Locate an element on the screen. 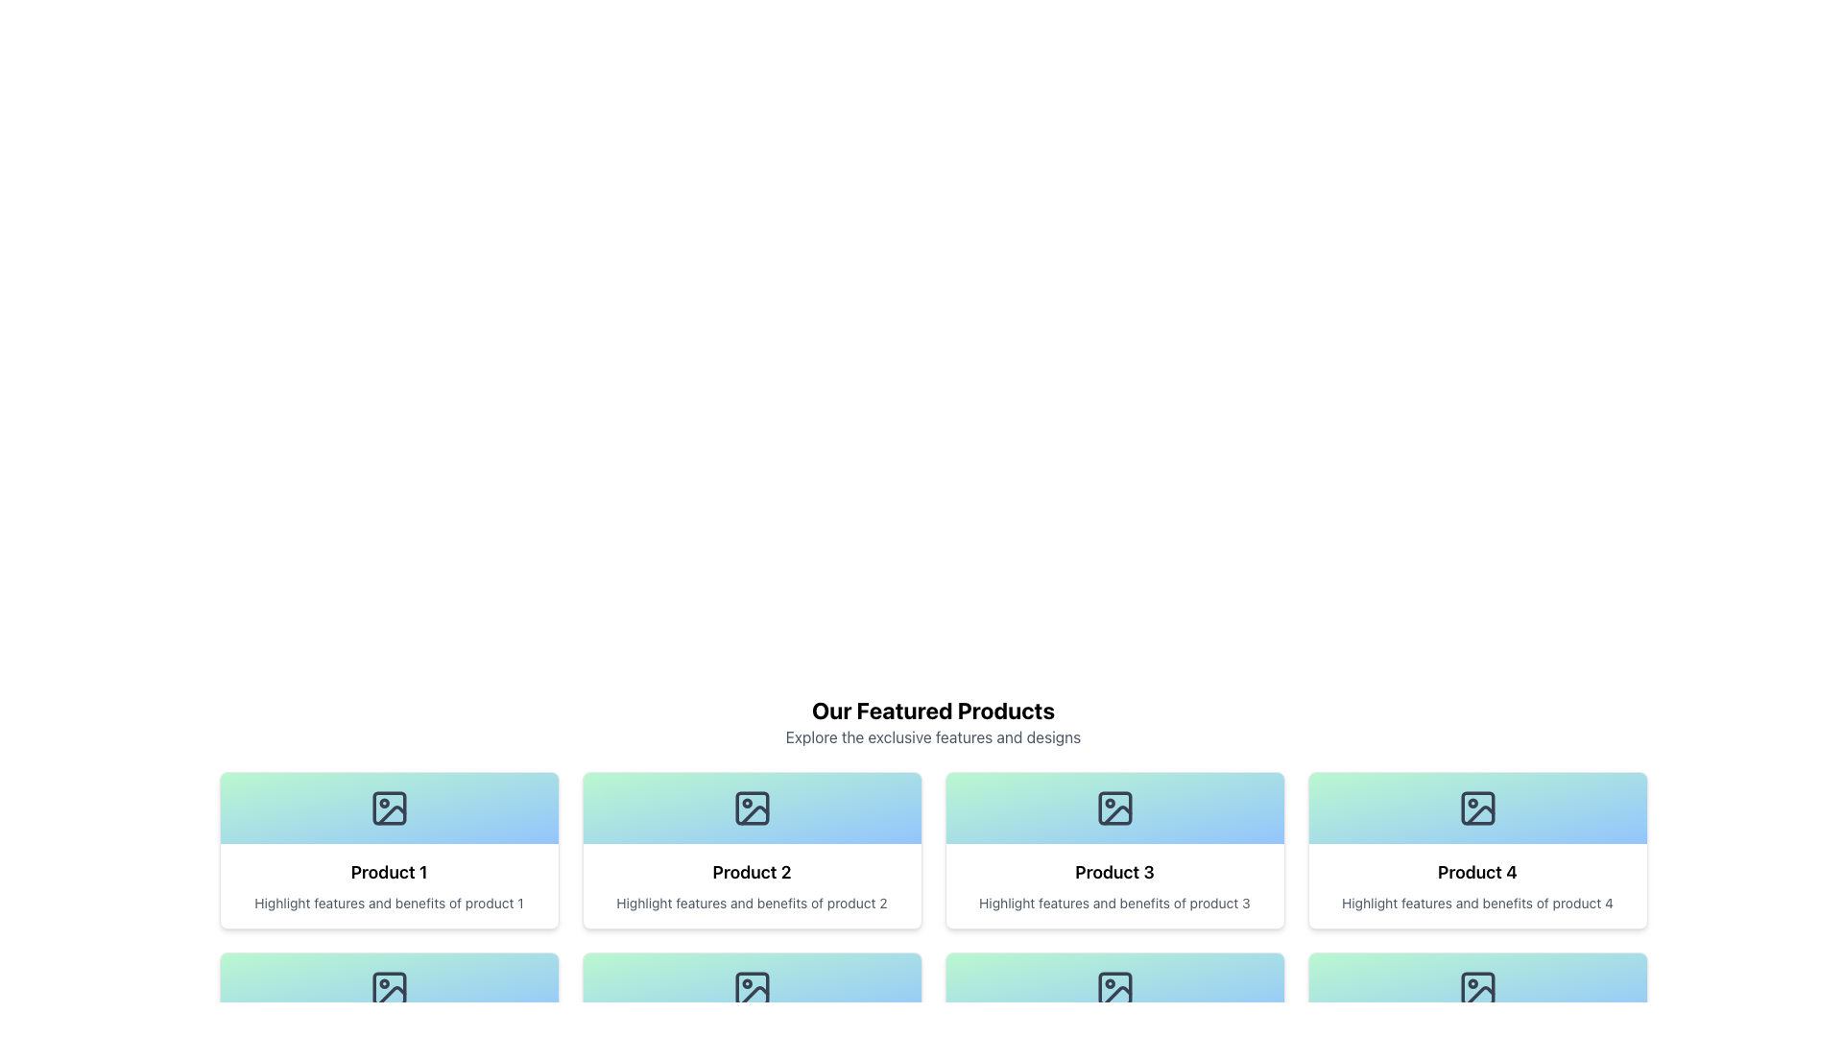  the Text Block containing the heading 'Product 4' and the subtext 'Highlight features and benefits of product 4' located in the bottom part of a light-themed card in the fourth position from the left in the top row of a grid layout is located at coordinates (1476, 885).